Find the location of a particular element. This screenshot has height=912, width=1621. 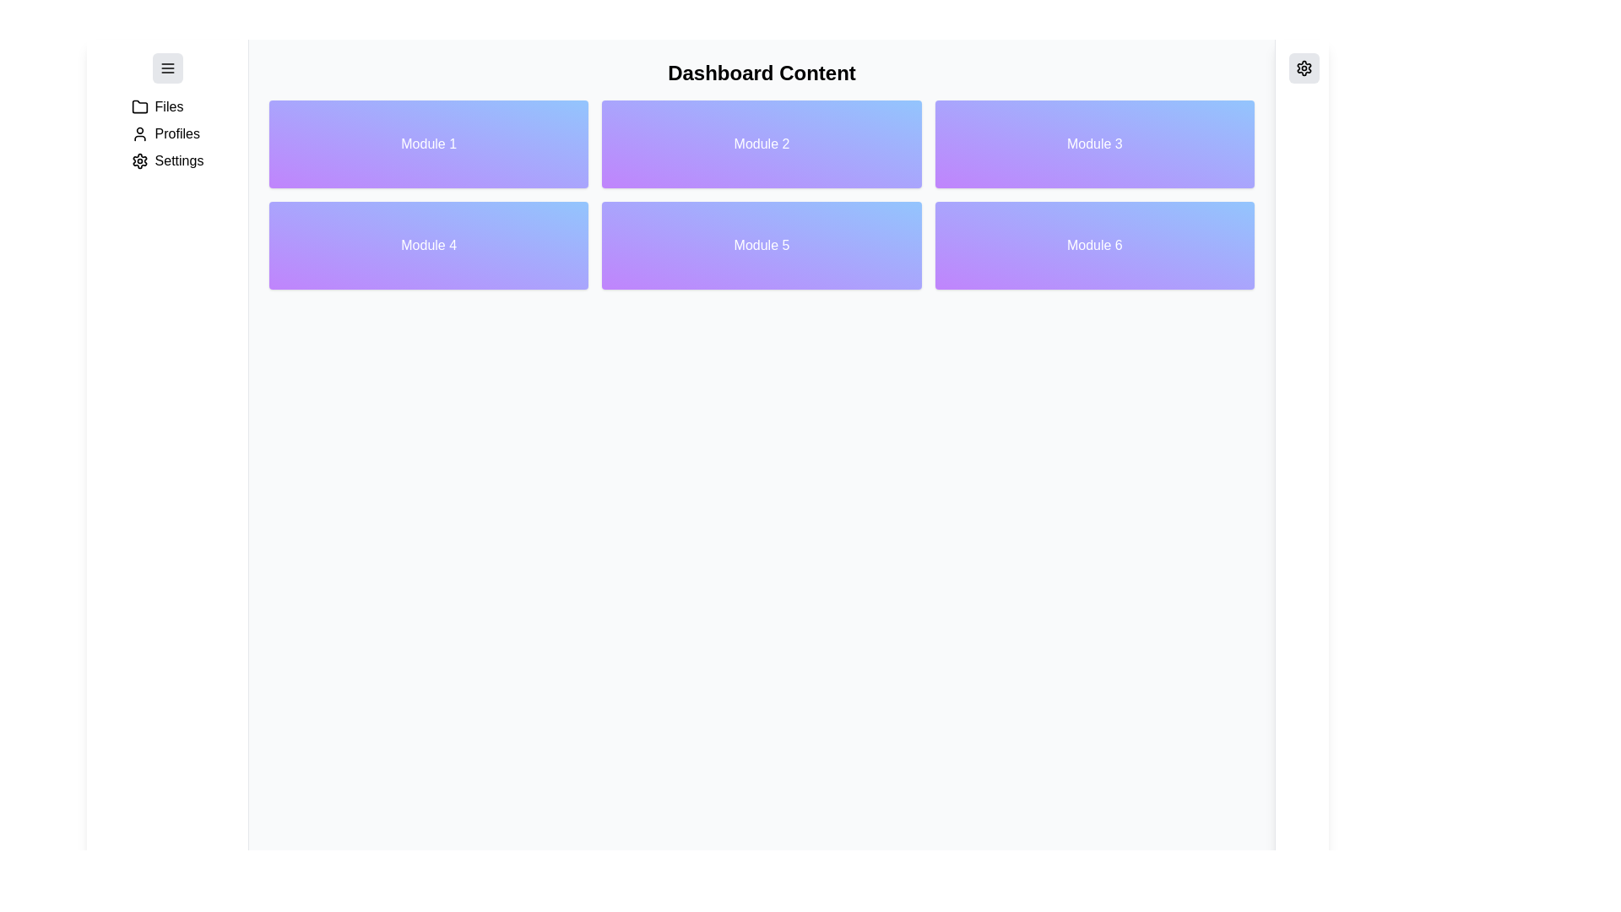

the second navigation item in the sidebar is located at coordinates (167, 133).